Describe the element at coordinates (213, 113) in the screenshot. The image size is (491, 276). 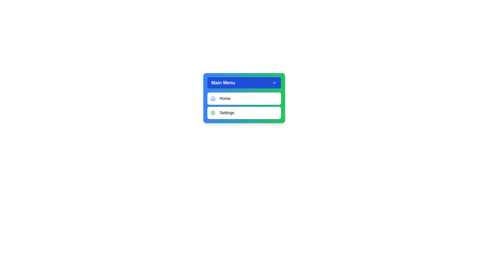
I see `the gear-shaped icon that indicates the 'Settings' option in the 'Main Menu' dropdown, located next to the 'Settings' label` at that location.